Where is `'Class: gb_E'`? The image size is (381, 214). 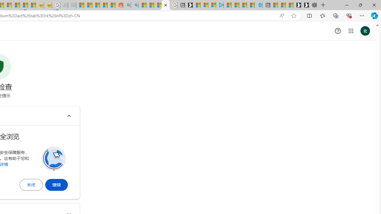 'Class: gb_E' is located at coordinates (351, 31).